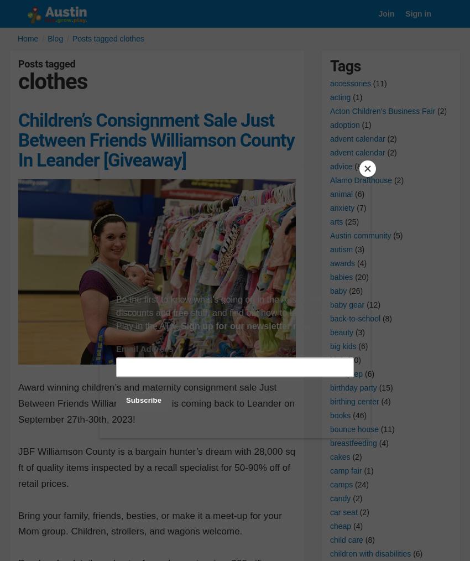 The image size is (470, 561). What do you see at coordinates (384, 386) in the screenshot?
I see `'(15)'` at bounding box center [384, 386].